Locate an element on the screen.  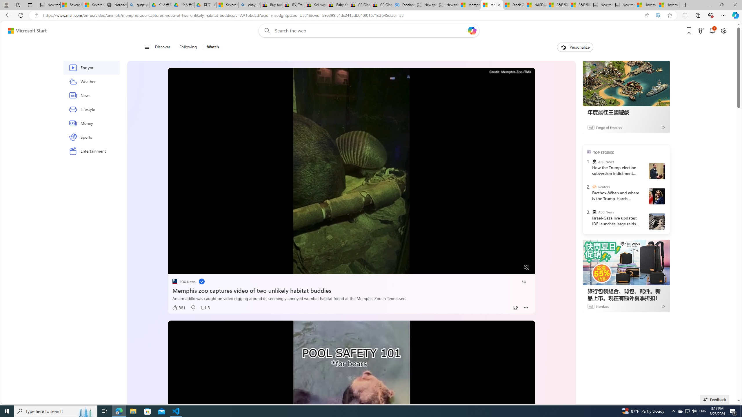
'Open settings' is located at coordinates (723, 31).